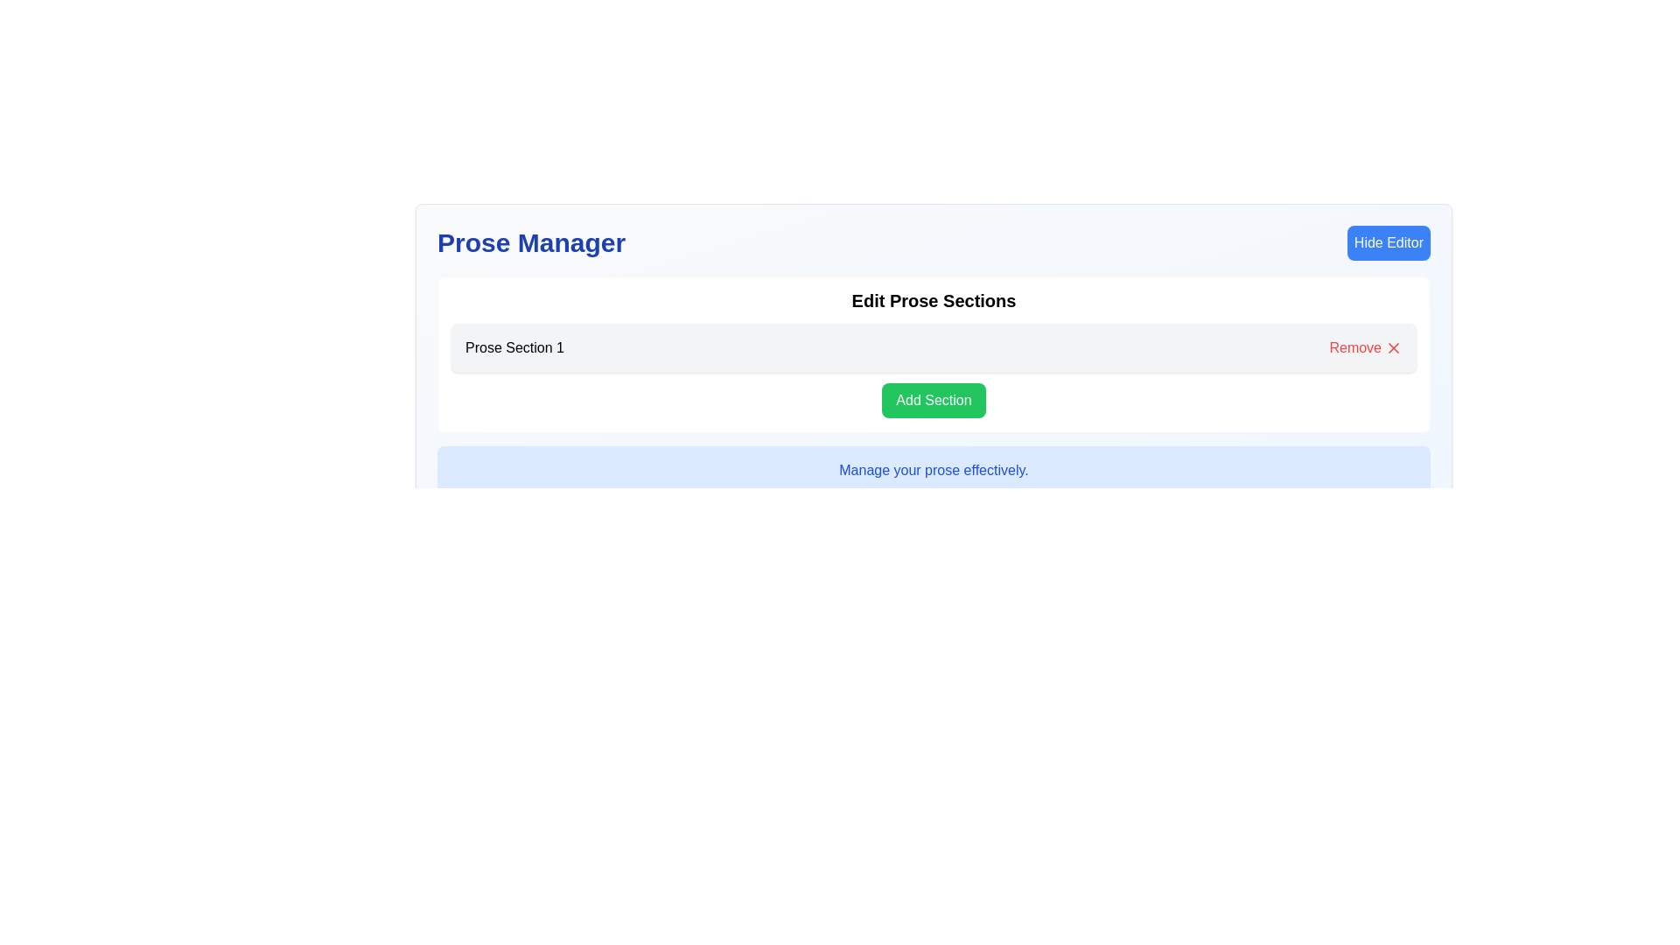 The image size is (1680, 945). I want to click on the Text Label that serves as a title or header for the section indicating the functionality of editing prose sections, positioned above a list item and a button labeled 'Add Section', so click(933, 299).